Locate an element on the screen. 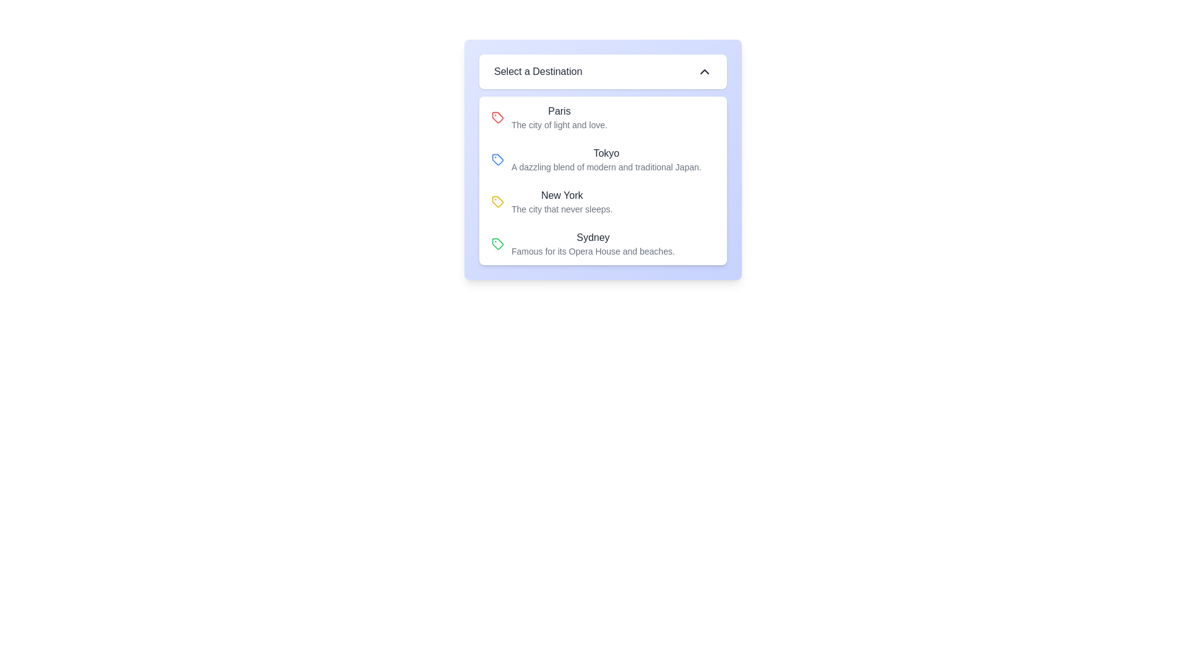  the text label that provides additional context for 'New York' in the dropdown menu 'Select a Destination', which is located below the main text 'New York' is located at coordinates (561, 209).